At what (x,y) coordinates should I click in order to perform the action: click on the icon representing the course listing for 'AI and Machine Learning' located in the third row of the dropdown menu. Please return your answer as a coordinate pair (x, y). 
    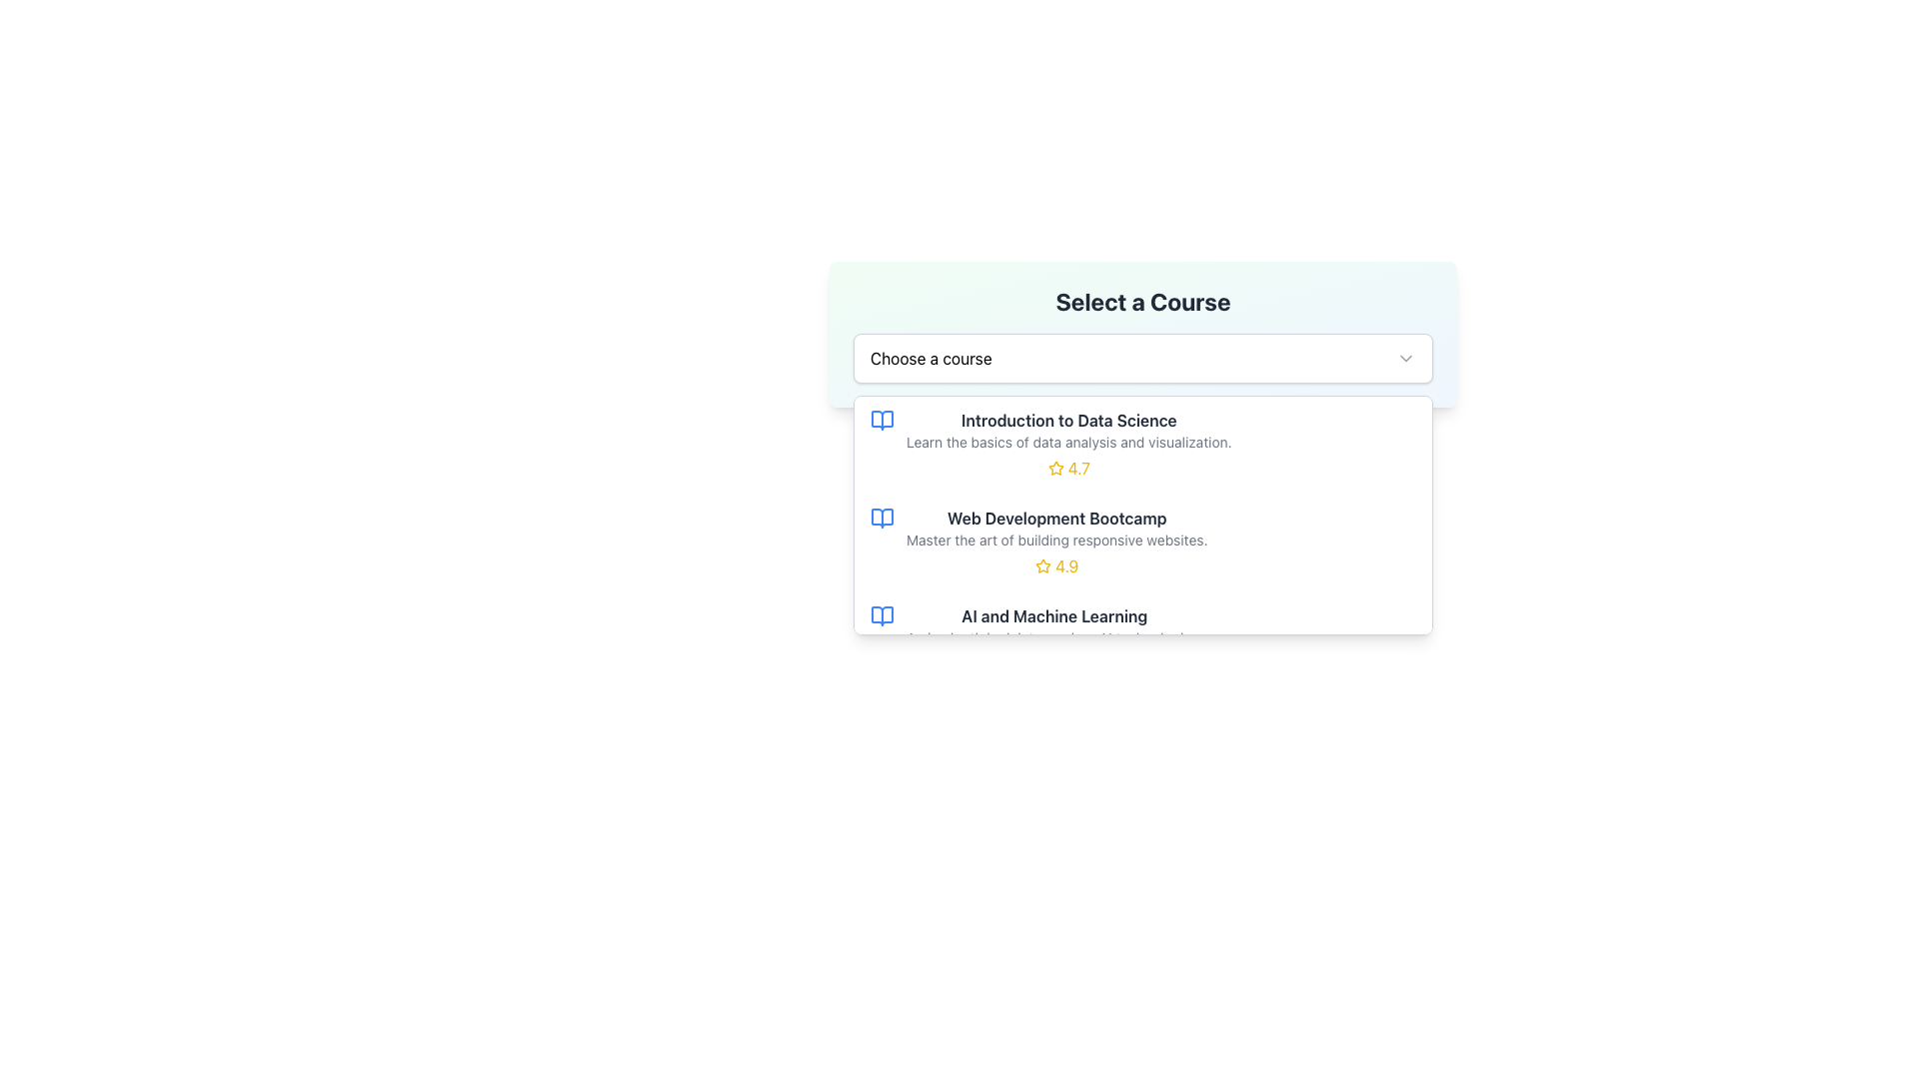
    Looking at the image, I should click on (882, 615).